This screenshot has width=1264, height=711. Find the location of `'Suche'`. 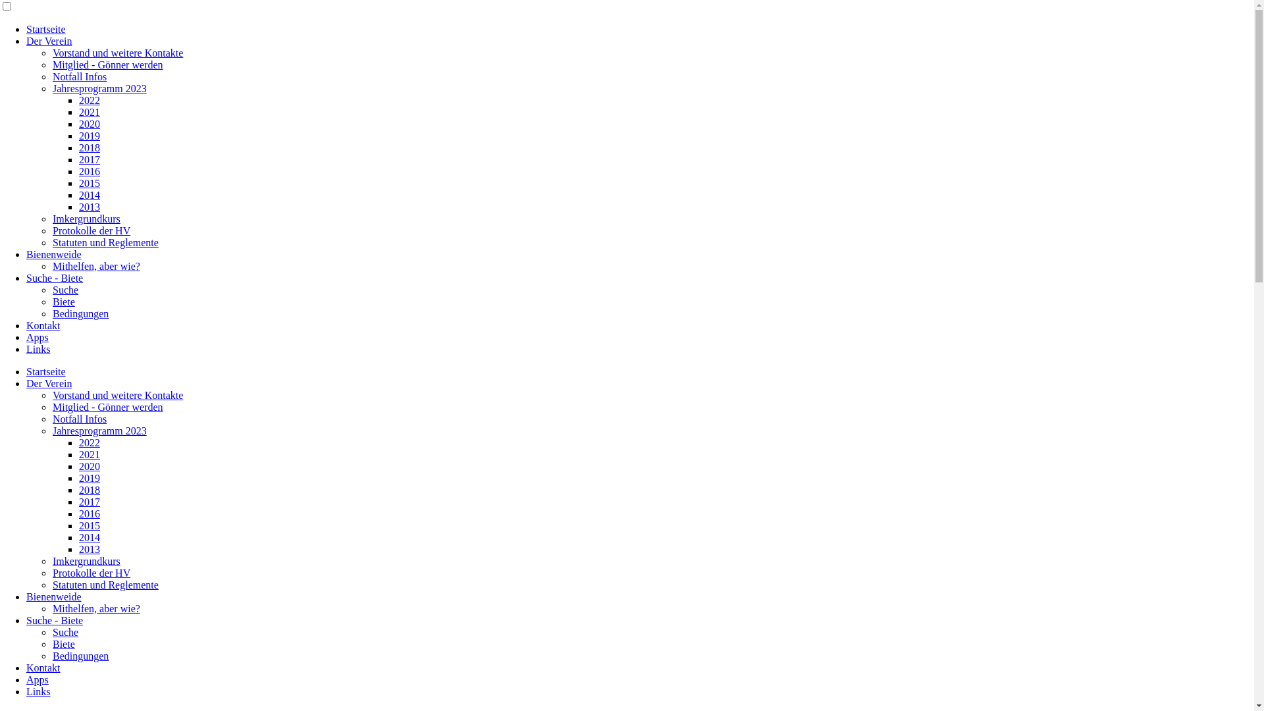

'Suche' is located at coordinates (65, 289).